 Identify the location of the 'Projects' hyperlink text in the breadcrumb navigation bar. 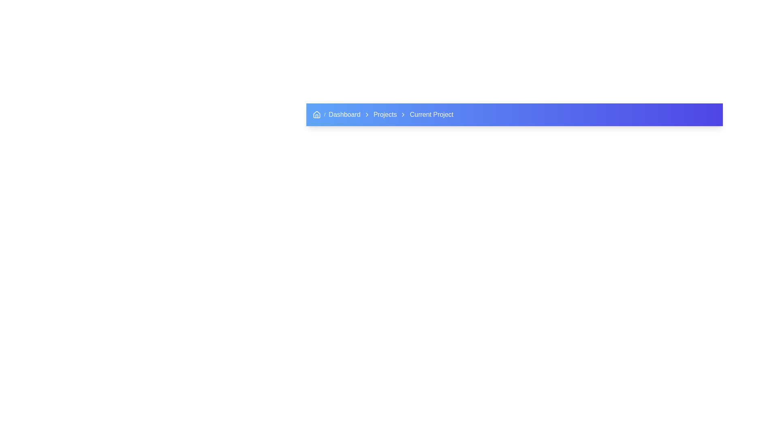
(385, 114).